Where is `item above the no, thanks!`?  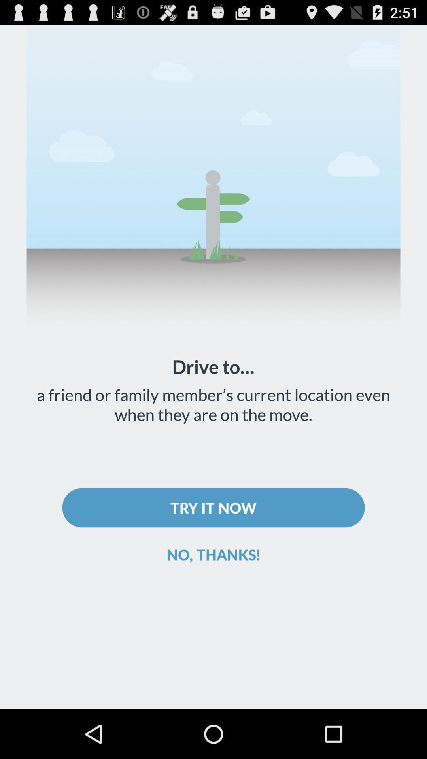
item above the no, thanks! is located at coordinates (213, 508).